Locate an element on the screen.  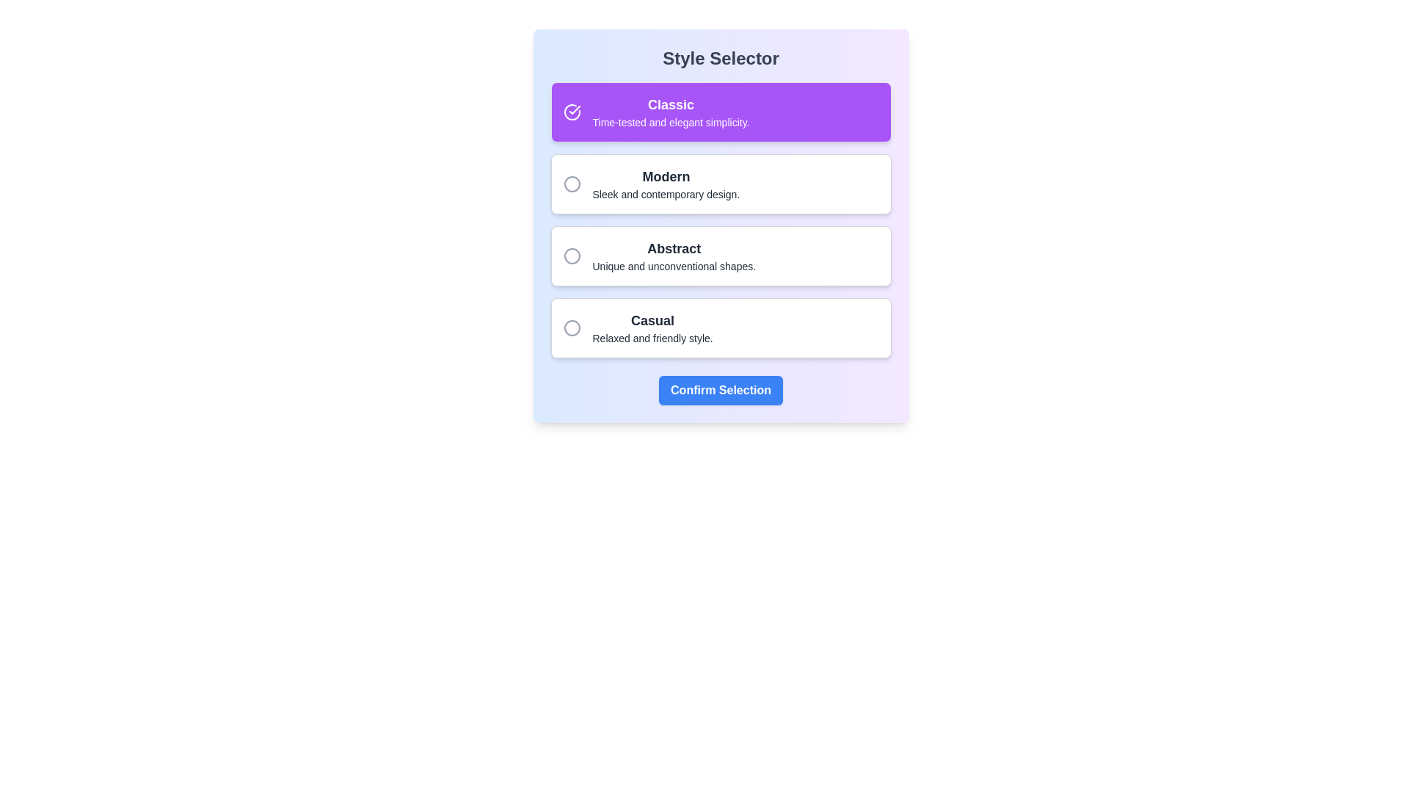
the RadioButton element located in the top-left corner of the 'Abstract' style option card, which is visually a circular icon with a gray border and no internal fill is located at coordinates (571, 255).